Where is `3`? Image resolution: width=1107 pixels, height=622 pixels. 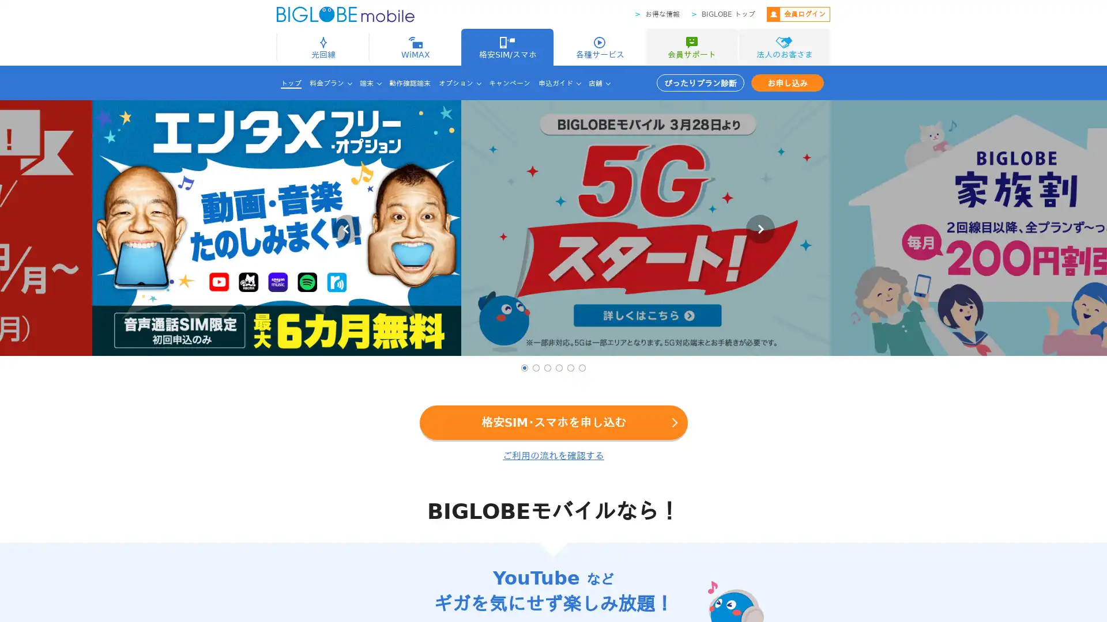 3 is located at coordinates (547, 368).